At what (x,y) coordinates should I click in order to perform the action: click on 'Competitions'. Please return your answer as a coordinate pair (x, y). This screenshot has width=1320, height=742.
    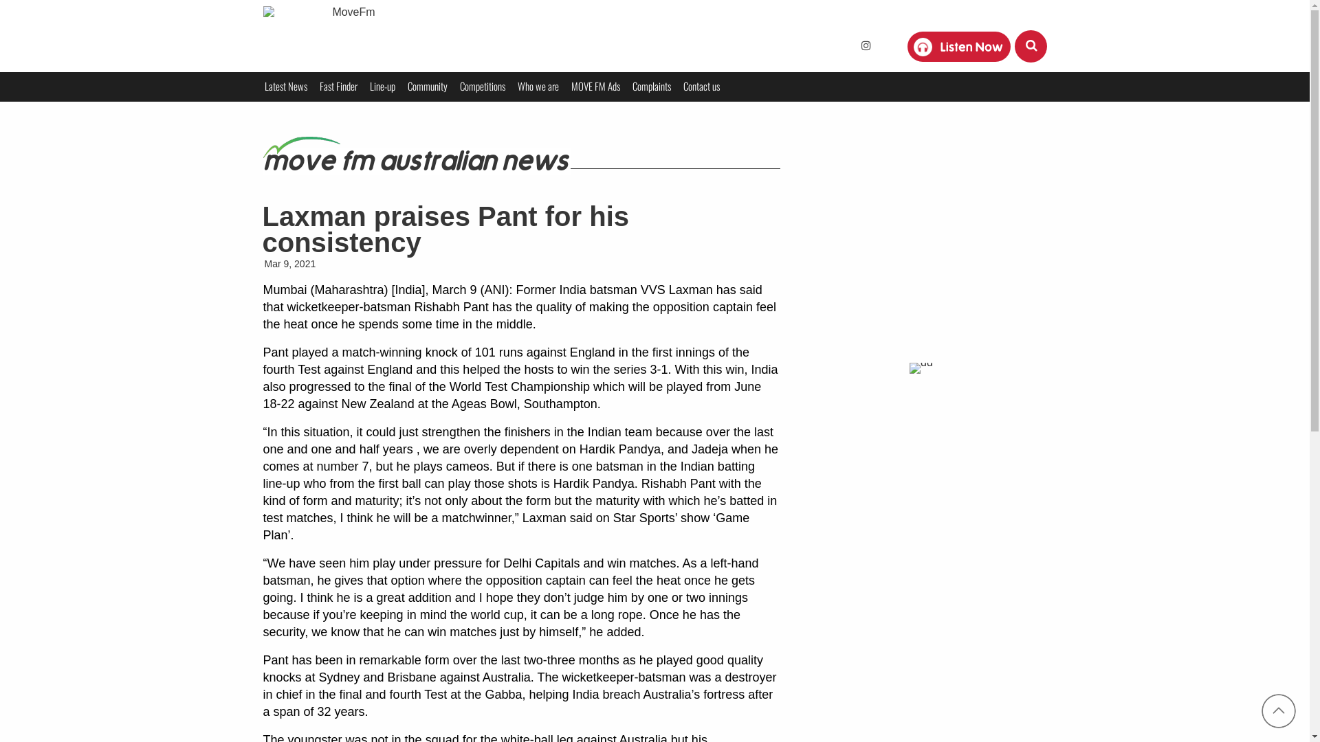
    Looking at the image, I should click on (482, 87).